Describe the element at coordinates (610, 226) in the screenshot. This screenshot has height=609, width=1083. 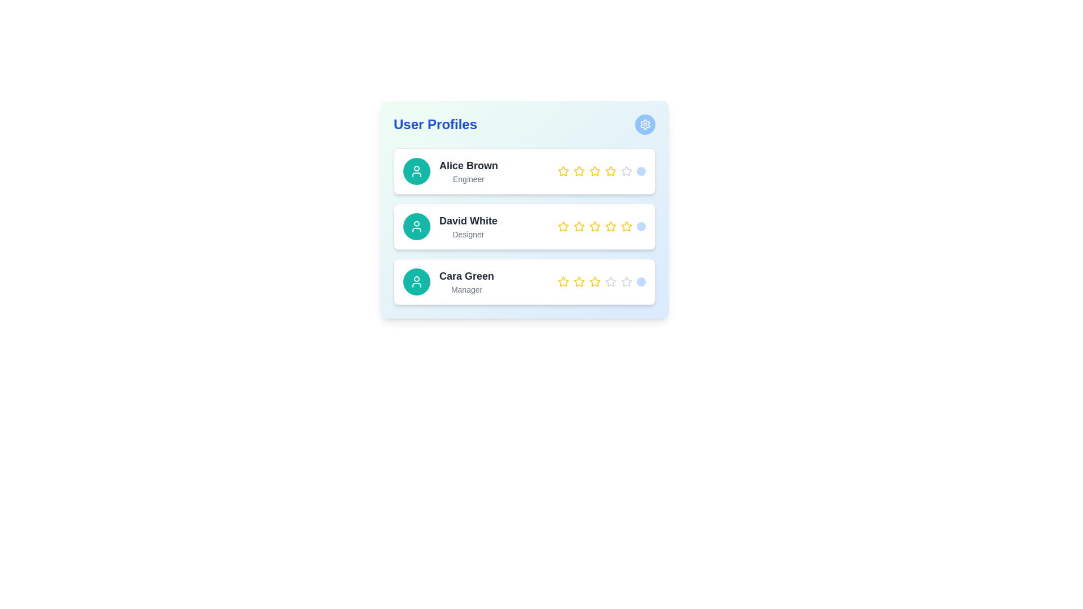
I see `the fourth yellow outlined star icon in the rating system for 'David White'` at that location.